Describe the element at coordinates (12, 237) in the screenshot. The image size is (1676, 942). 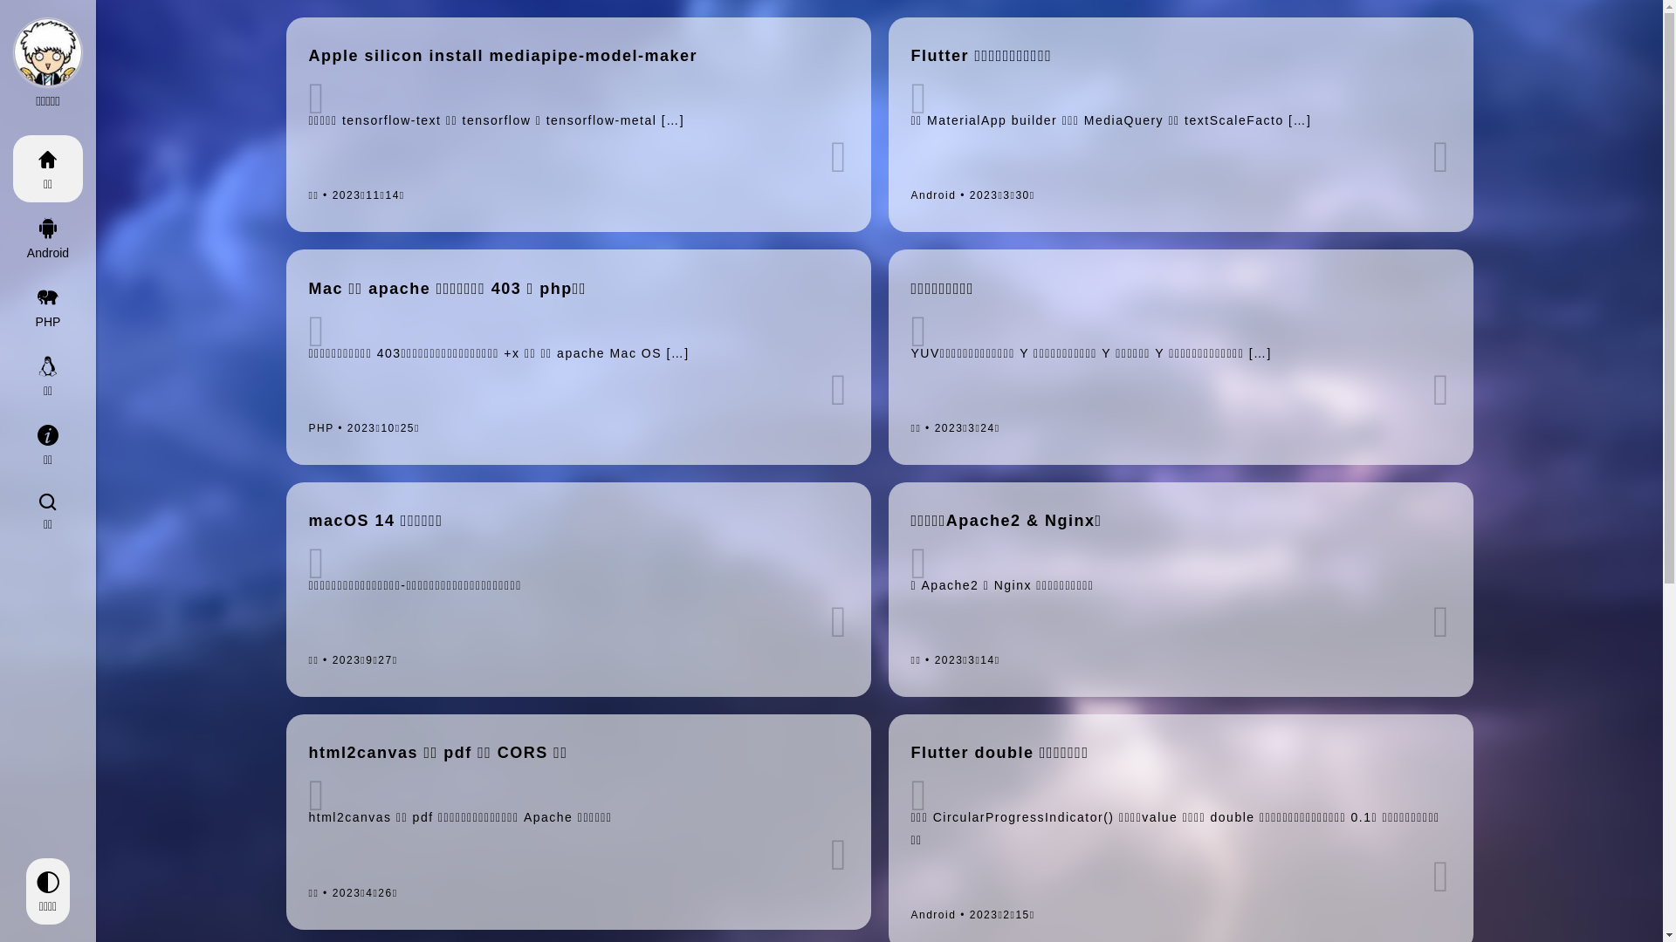
I see `'Android'` at that location.